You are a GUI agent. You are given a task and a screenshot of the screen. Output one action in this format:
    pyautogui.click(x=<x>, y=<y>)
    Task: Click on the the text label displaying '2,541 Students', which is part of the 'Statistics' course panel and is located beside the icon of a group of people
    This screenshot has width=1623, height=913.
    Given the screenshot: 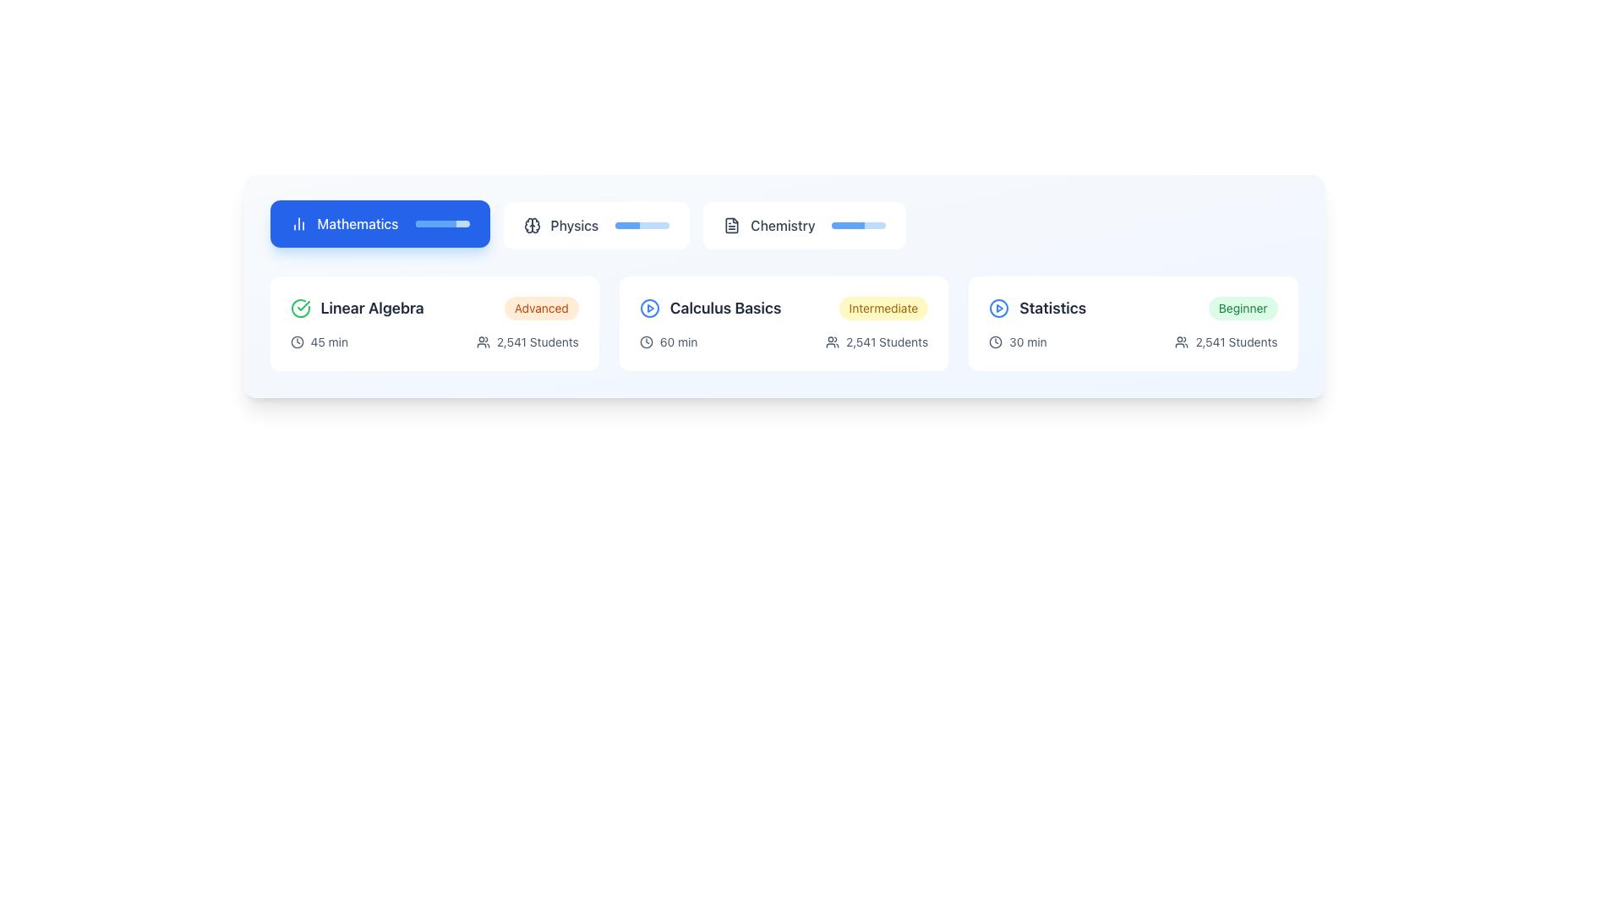 What is the action you would take?
    pyautogui.click(x=1237, y=342)
    